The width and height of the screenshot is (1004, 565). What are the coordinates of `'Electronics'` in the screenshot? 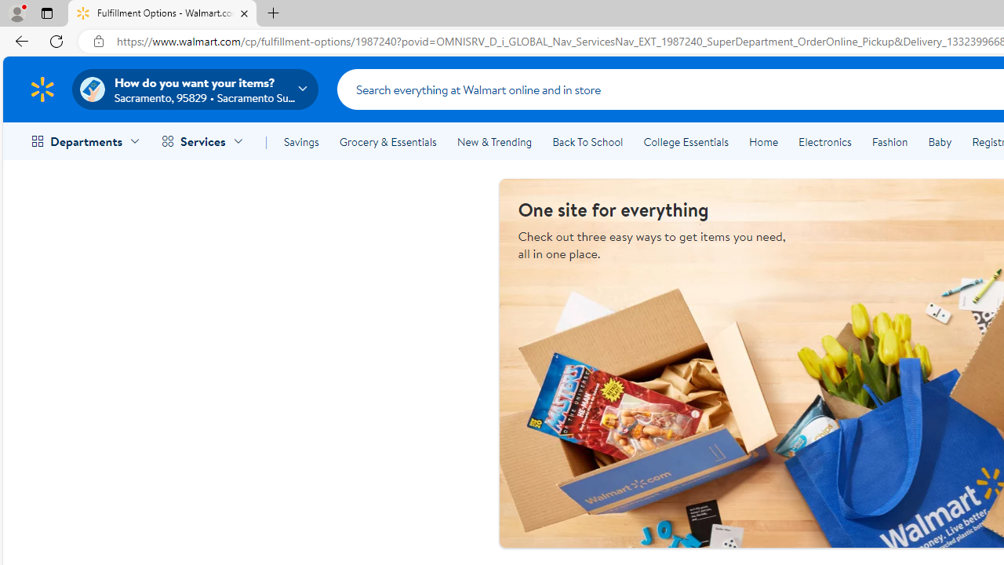 It's located at (824, 142).